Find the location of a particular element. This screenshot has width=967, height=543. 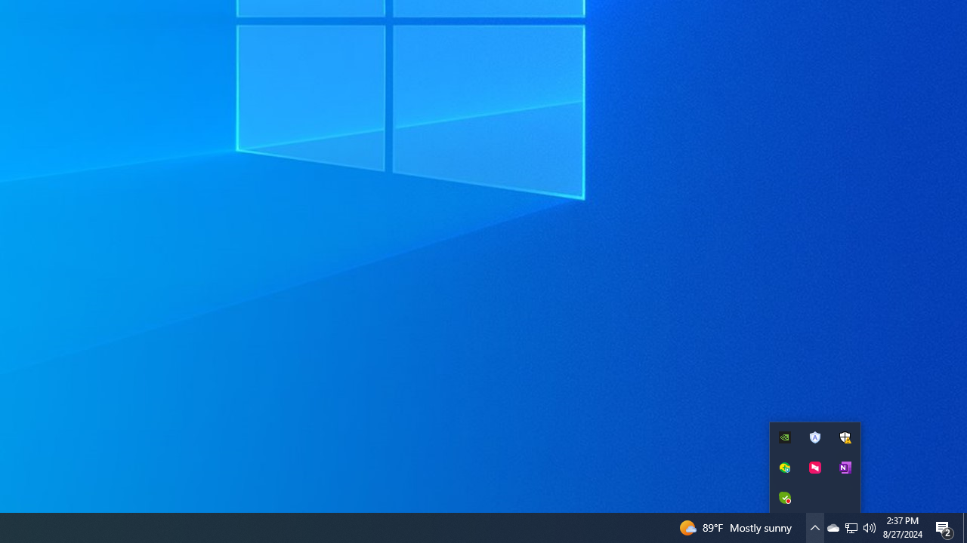

'Overflow Notification Area' is located at coordinates (814, 466).